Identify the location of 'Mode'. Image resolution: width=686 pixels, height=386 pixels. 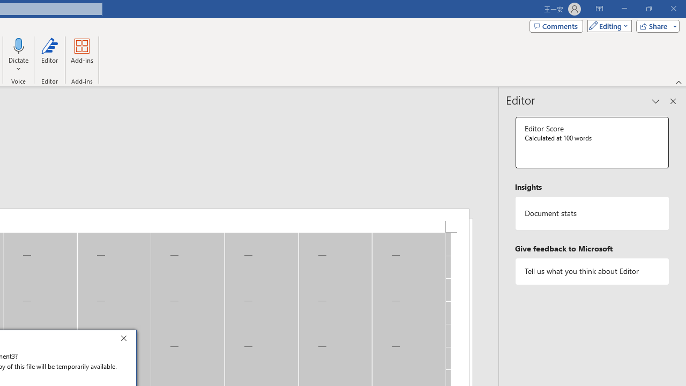
(607, 25).